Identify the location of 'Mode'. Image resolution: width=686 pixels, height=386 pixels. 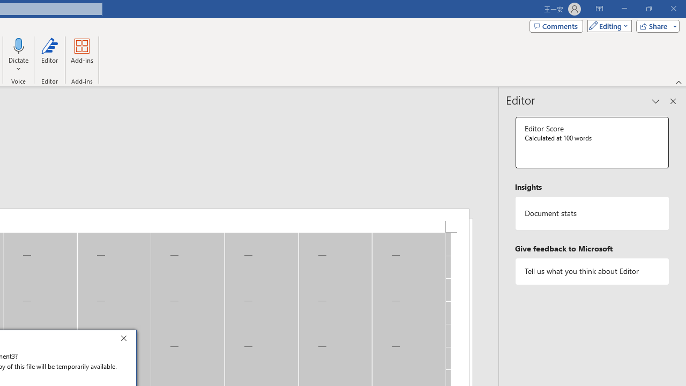
(607, 25).